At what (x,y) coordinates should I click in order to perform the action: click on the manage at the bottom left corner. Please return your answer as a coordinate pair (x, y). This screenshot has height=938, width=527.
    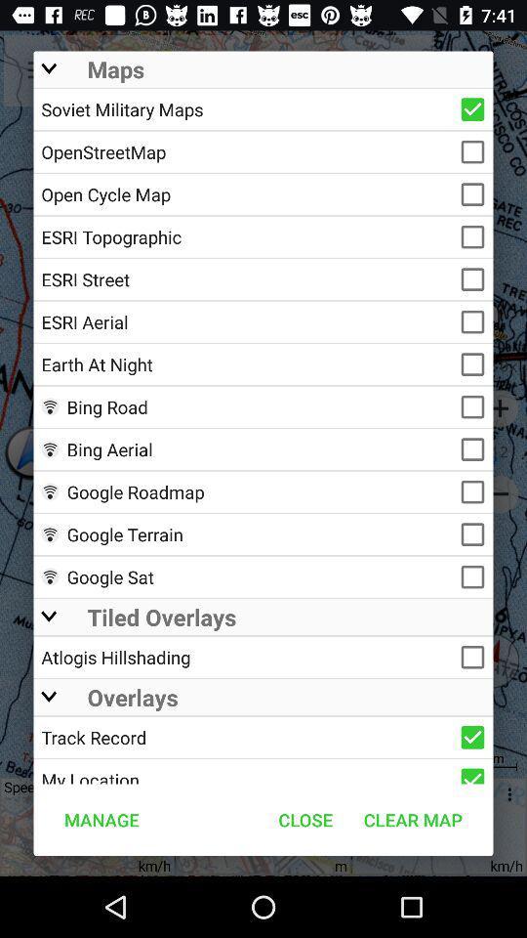
    Looking at the image, I should click on (101, 820).